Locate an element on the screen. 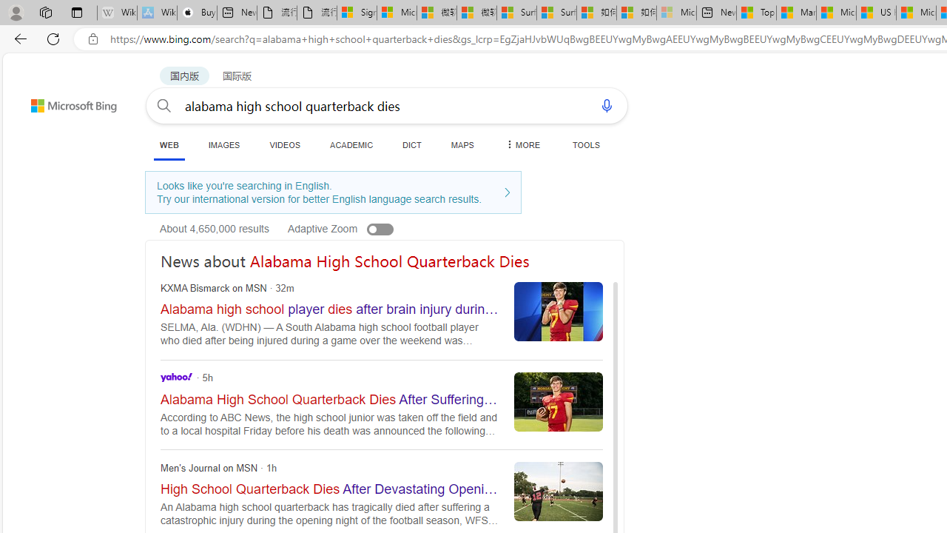 This screenshot has width=947, height=533. 'WEB' is located at coordinates (169, 146).